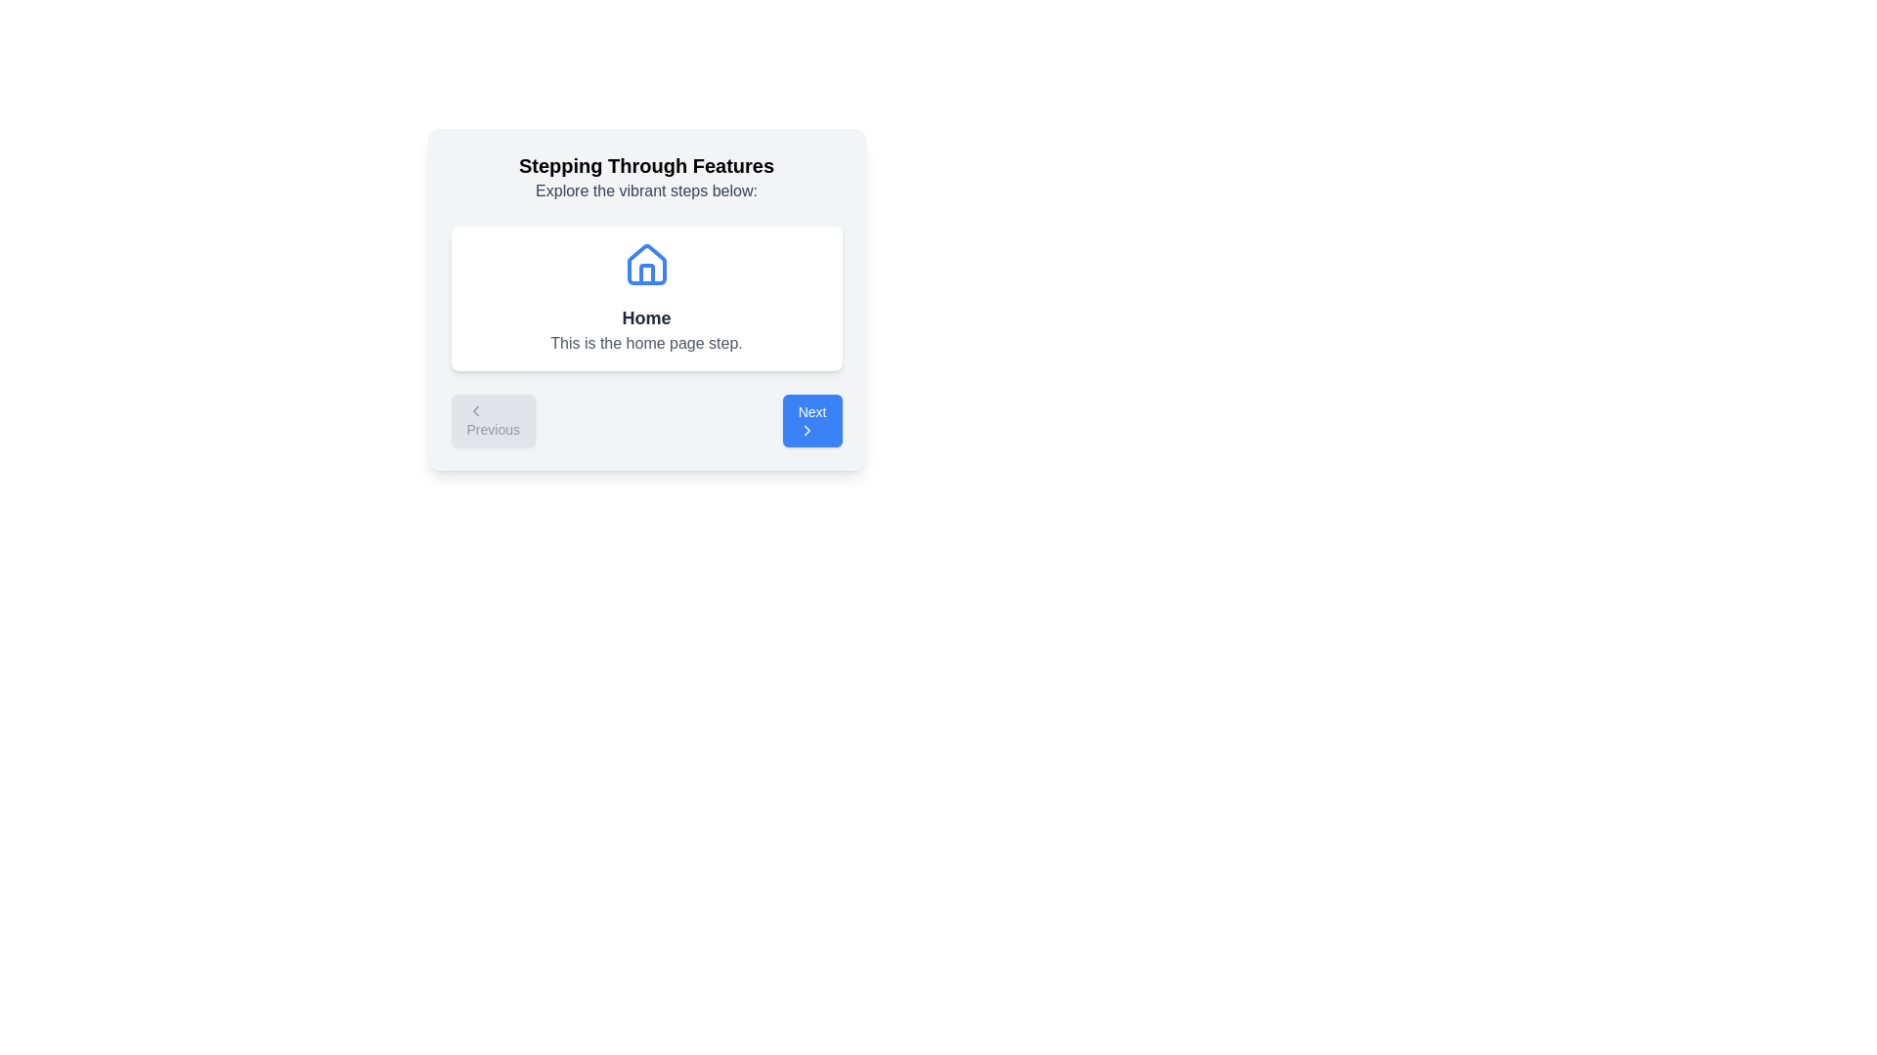  Describe the element at coordinates (646, 177) in the screenshot. I see `the Header with subheader text element located at the top section of the card component, which is centrally positioned above the graphic and description labeled 'Home'` at that location.